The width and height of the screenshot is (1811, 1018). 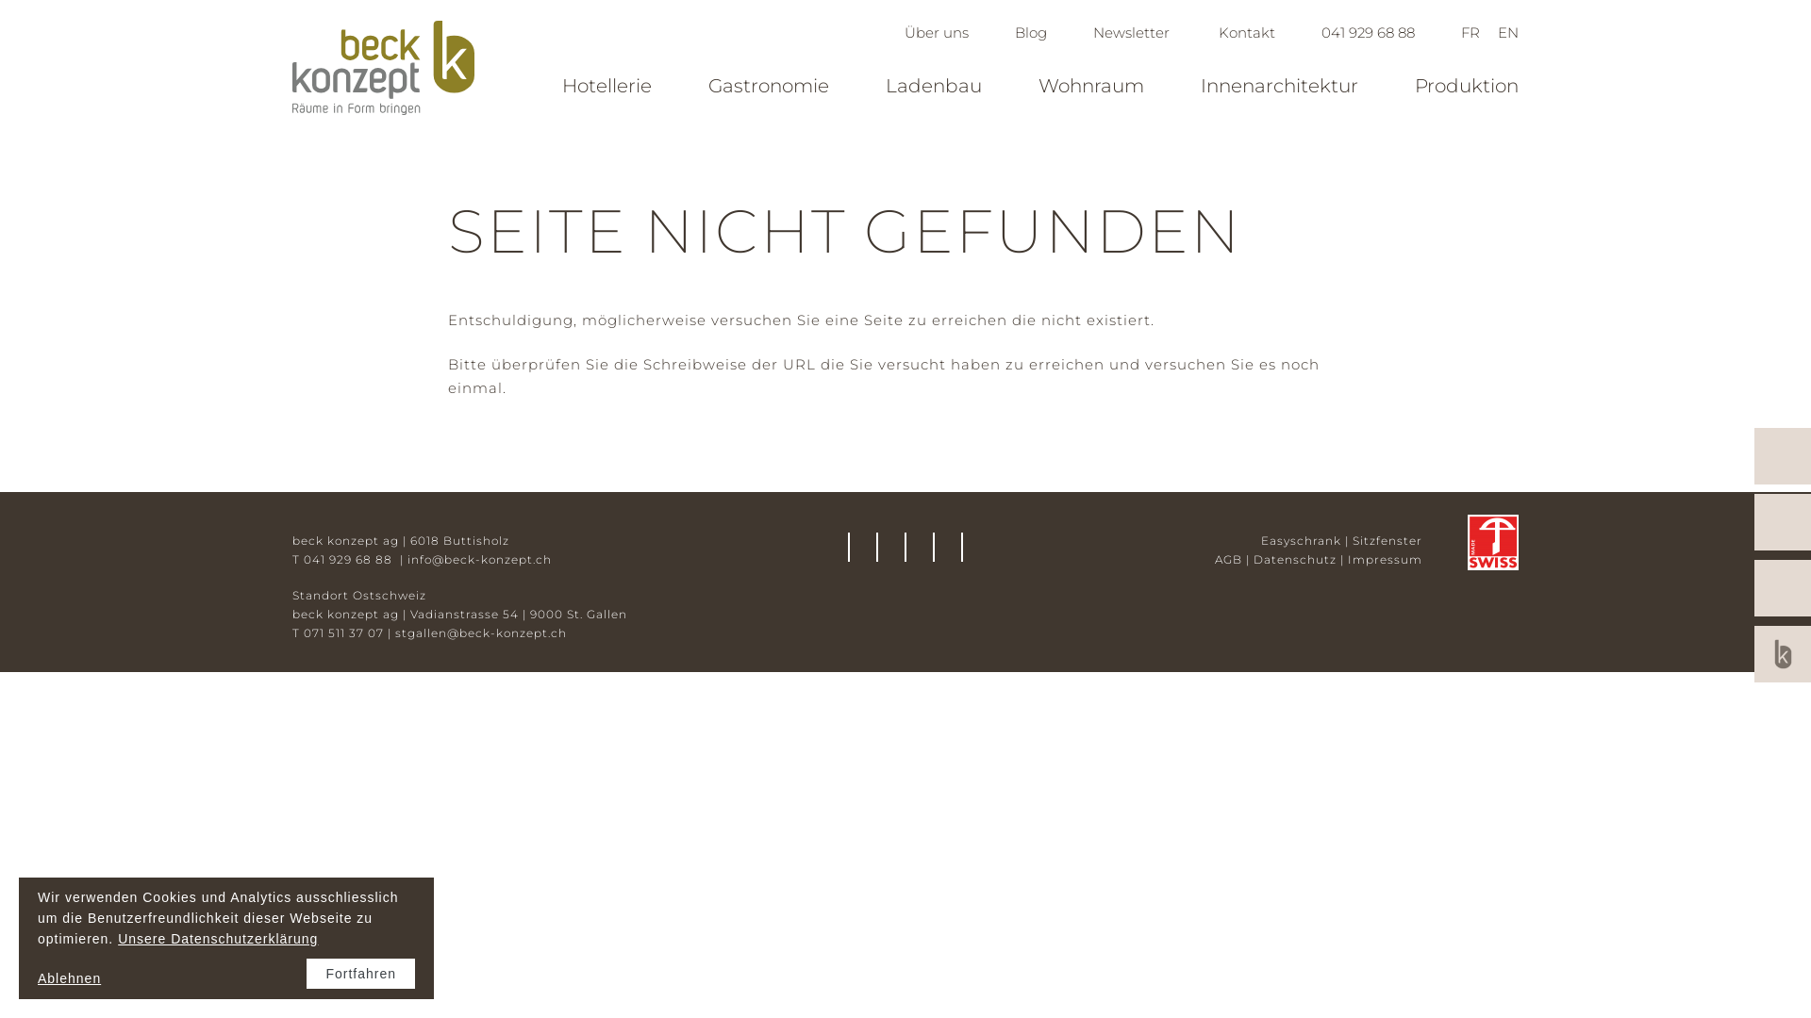 I want to click on 'Innenarchitektur', so click(x=1279, y=86).